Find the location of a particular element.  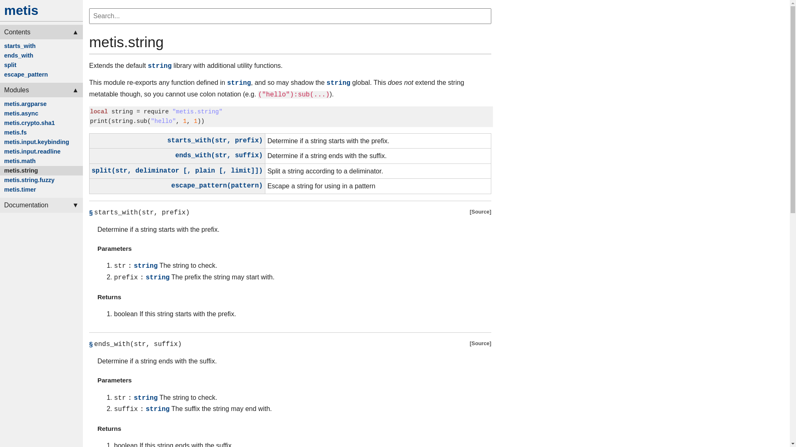

'metis.input.keybinding' is located at coordinates (41, 142).